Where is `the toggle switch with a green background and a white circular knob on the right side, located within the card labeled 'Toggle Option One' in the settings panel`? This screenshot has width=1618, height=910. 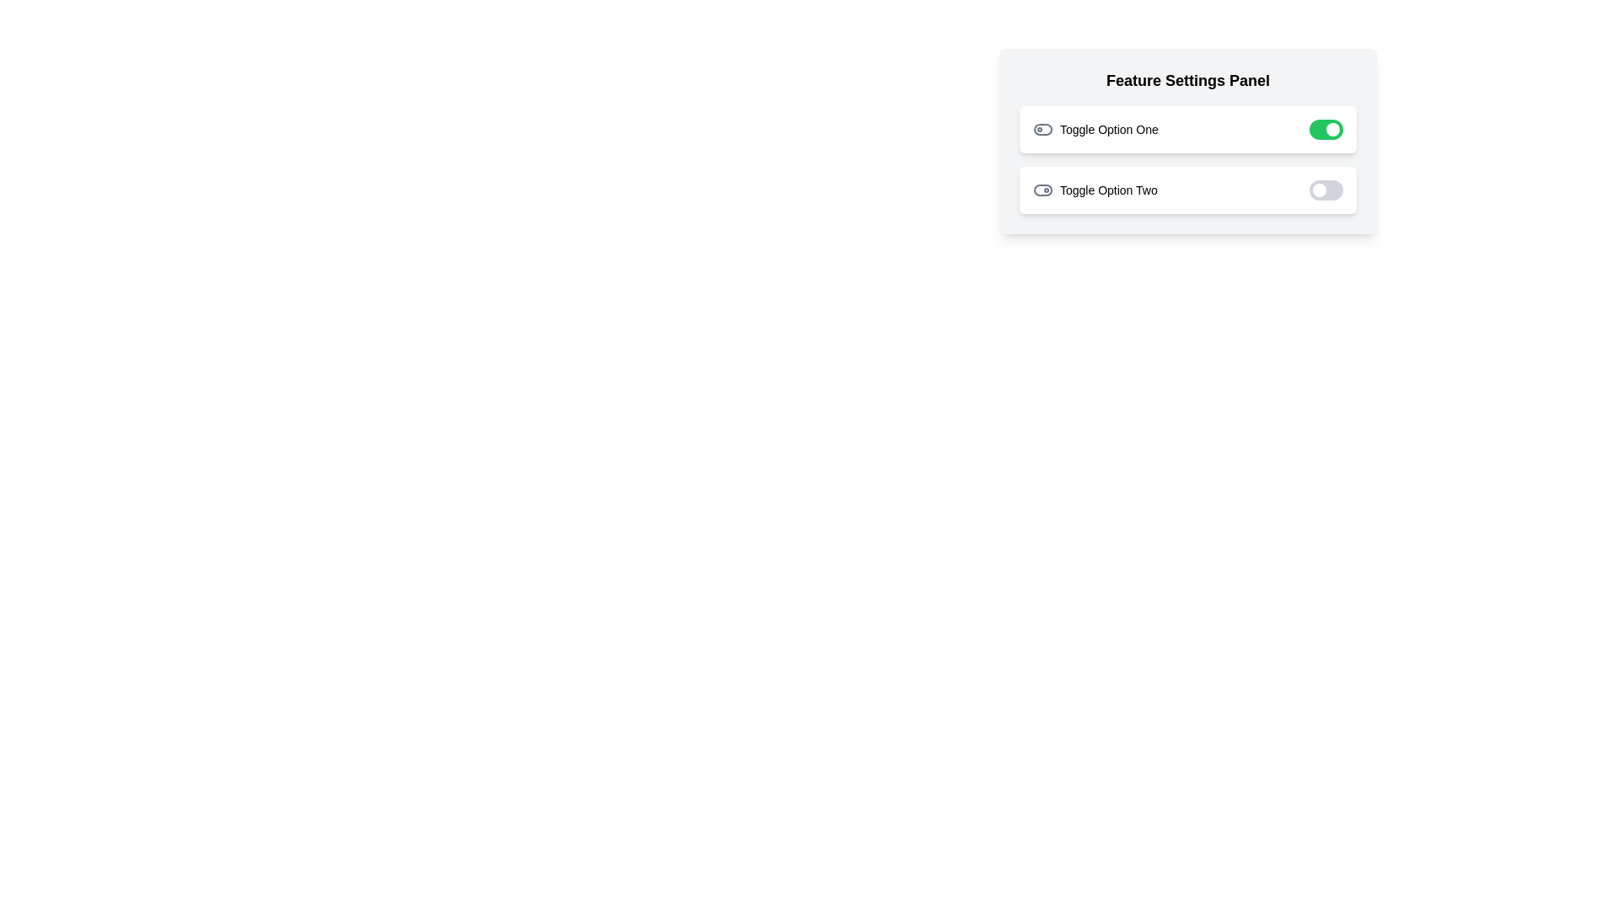 the toggle switch with a green background and a white circular knob on the right side, located within the card labeled 'Toggle Option One' in the settings panel is located at coordinates (1326, 129).